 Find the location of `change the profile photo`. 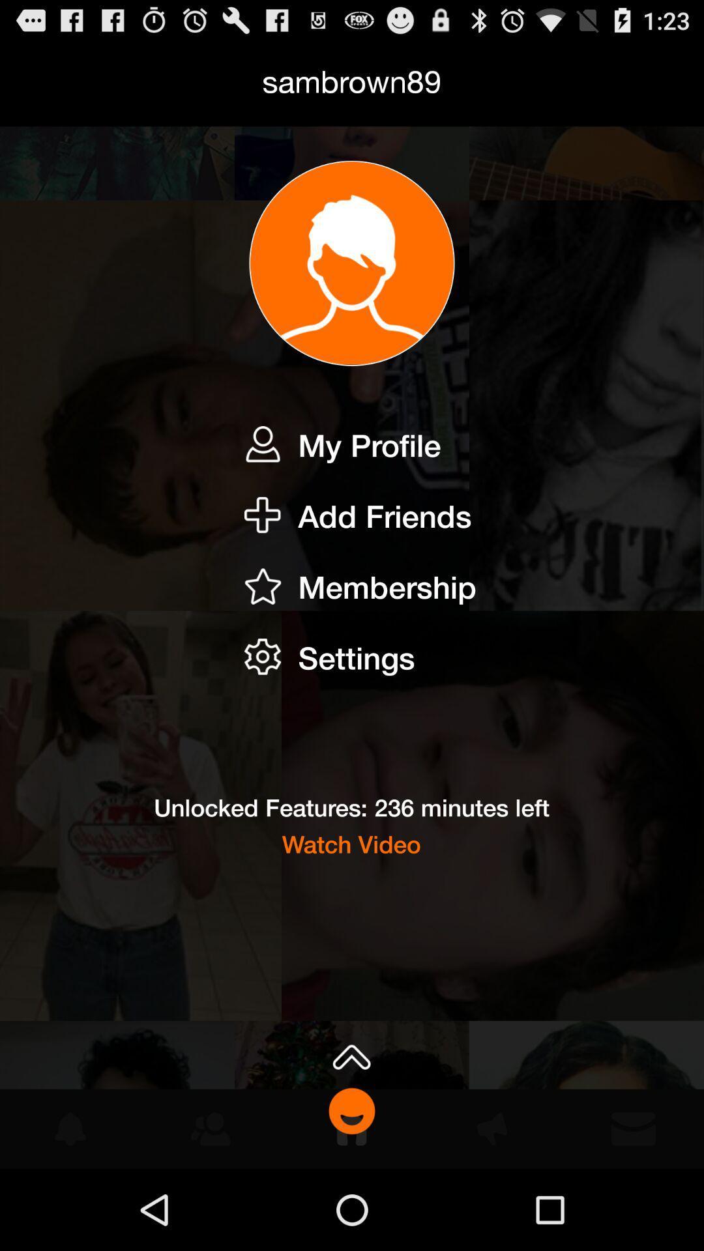

change the profile photo is located at coordinates (352, 263).